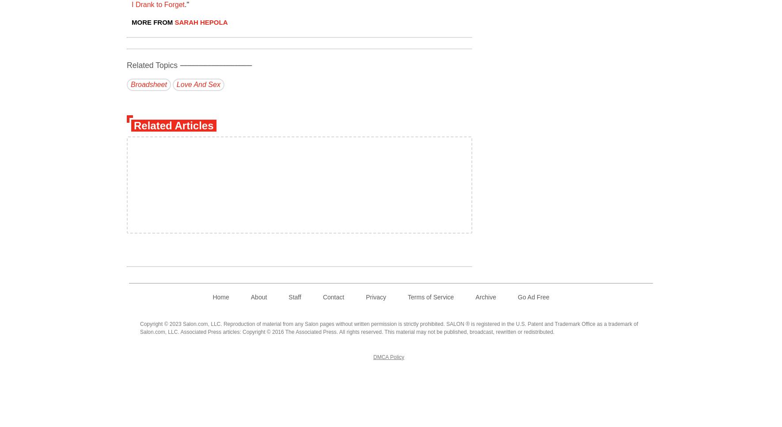 Image resolution: width=782 pixels, height=427 pixels. What do you see at coordinates (133, 125) in the screenshot?
I see `'Related Articles'` at bounding box center [133, 125].